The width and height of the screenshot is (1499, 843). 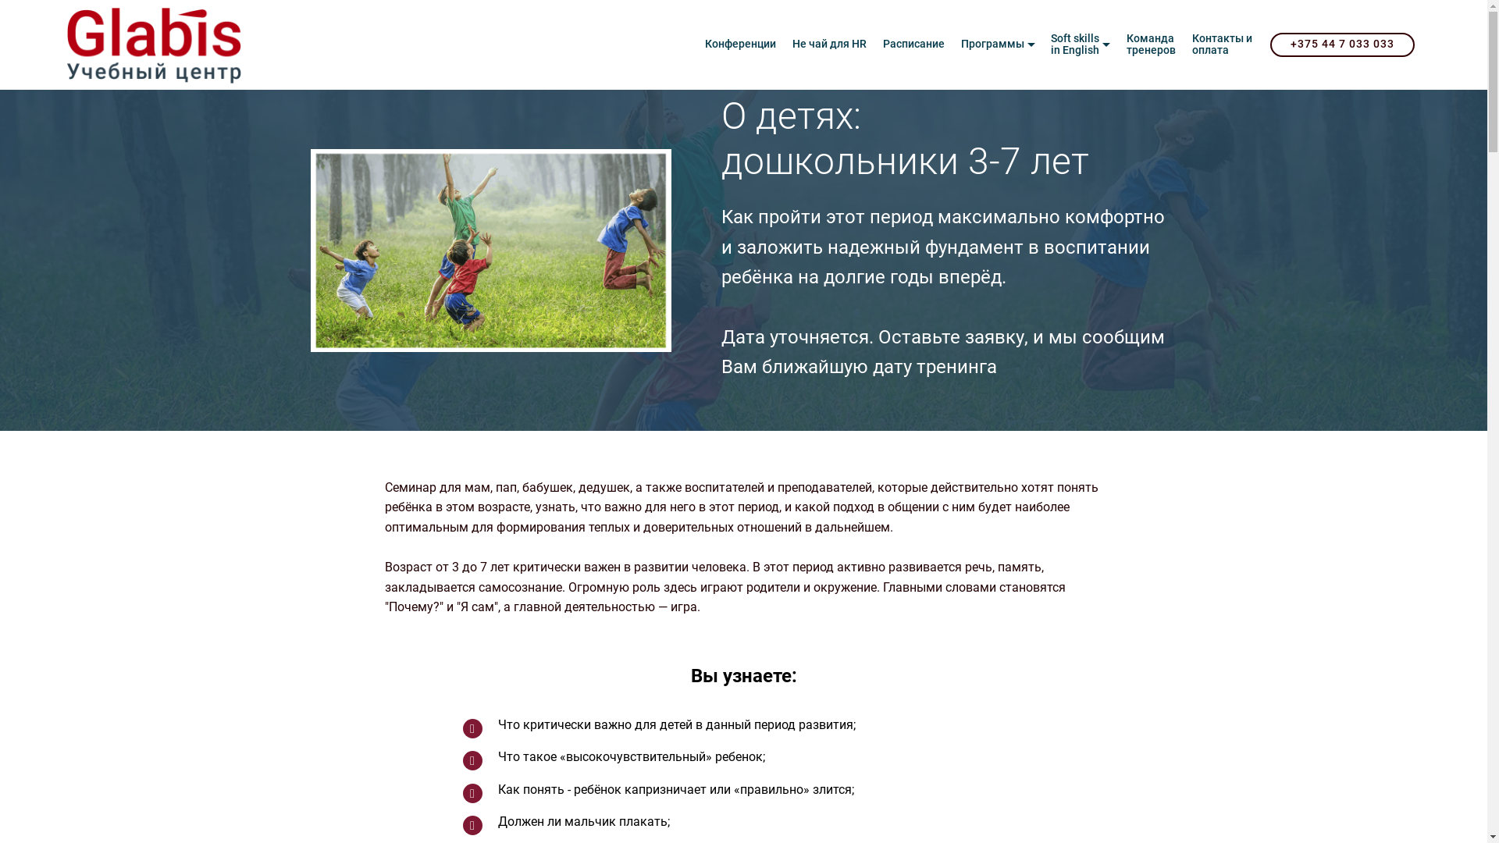 What do you see at coordinates (1341, 44) in the screenshot?
I see `'+375 44 7 033 033'` at bounding box center [1341, 44].